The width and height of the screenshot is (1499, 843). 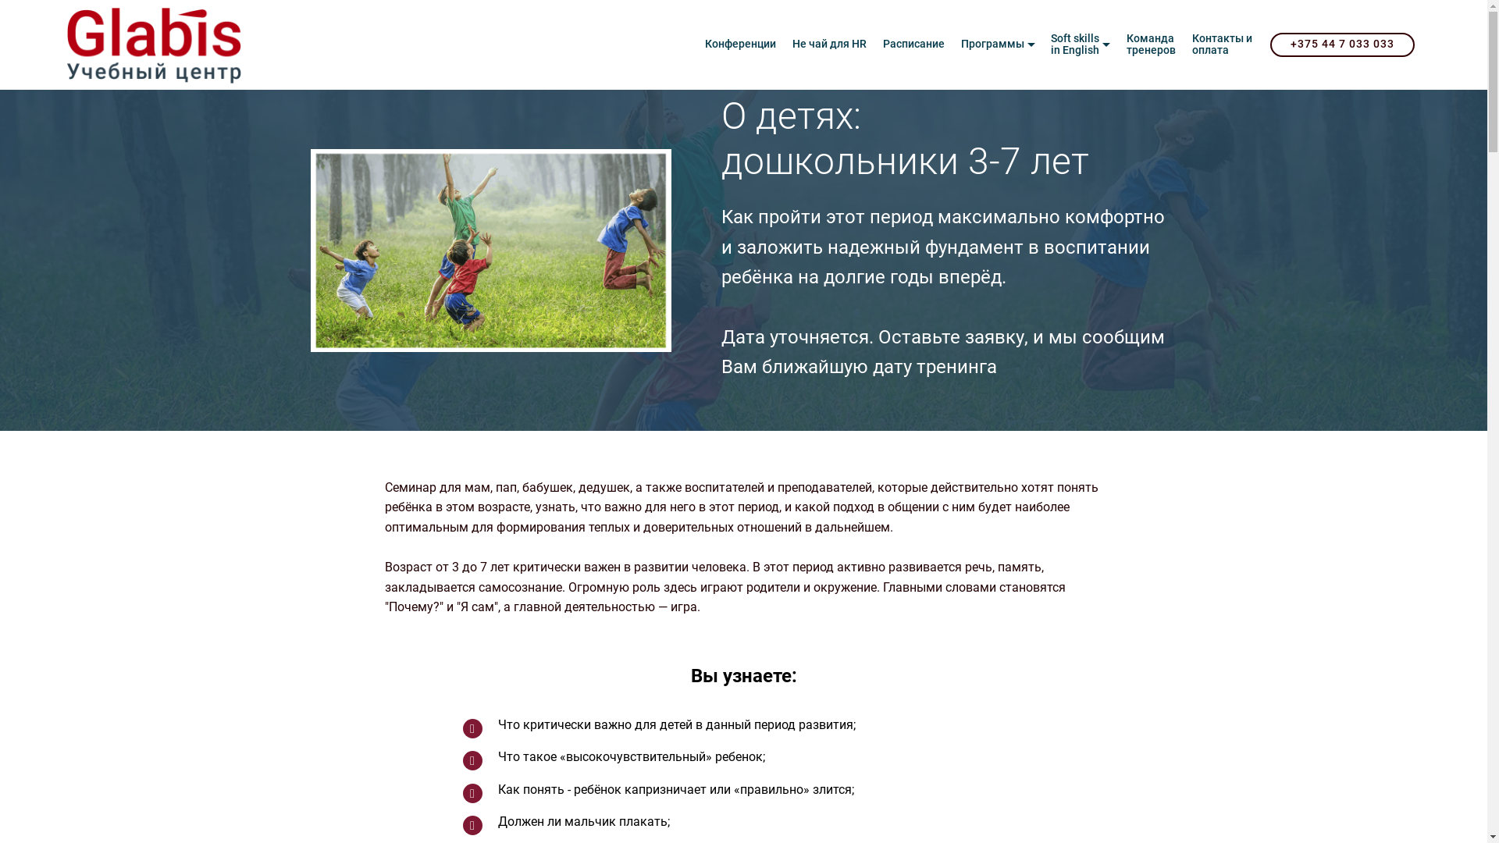 What do you see at coordinates (1341, 44) in the screenshot?
I see `'+375 44 7 033 033'` at bounding box center [1341, 44].